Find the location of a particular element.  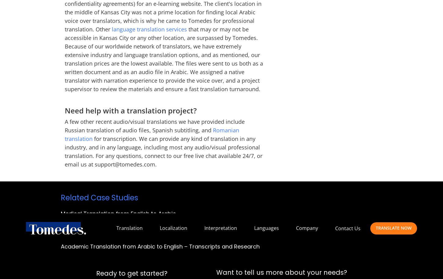

'UK: +44 (0)16 1509 6140' is located at coordinates (255, 6).